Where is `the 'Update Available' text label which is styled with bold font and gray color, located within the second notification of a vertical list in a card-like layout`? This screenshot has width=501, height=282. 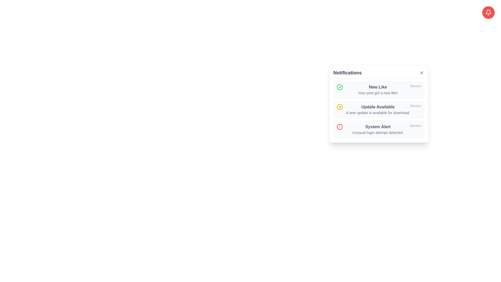 the 'Update Available' text label which is styled with bold font and gray color, located within the second notification of a vertical list in a card-like layout is located at coordinates (378, 107).